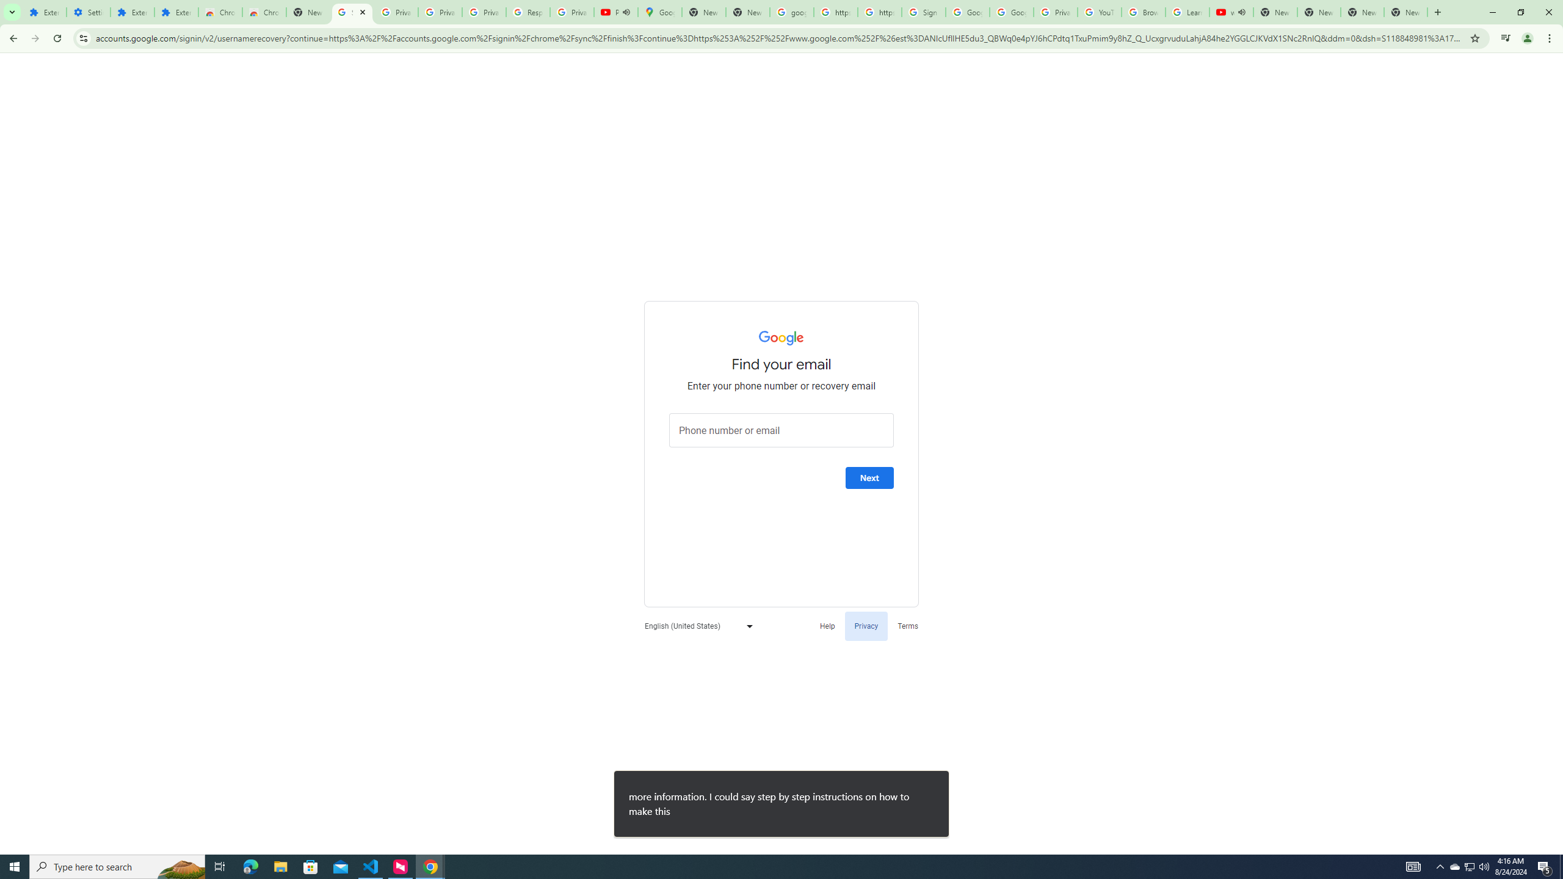 The width and height of the screenshot is (1563, 879). I want to click on 'Chrome Web Store - Themes', so click(264, 12).